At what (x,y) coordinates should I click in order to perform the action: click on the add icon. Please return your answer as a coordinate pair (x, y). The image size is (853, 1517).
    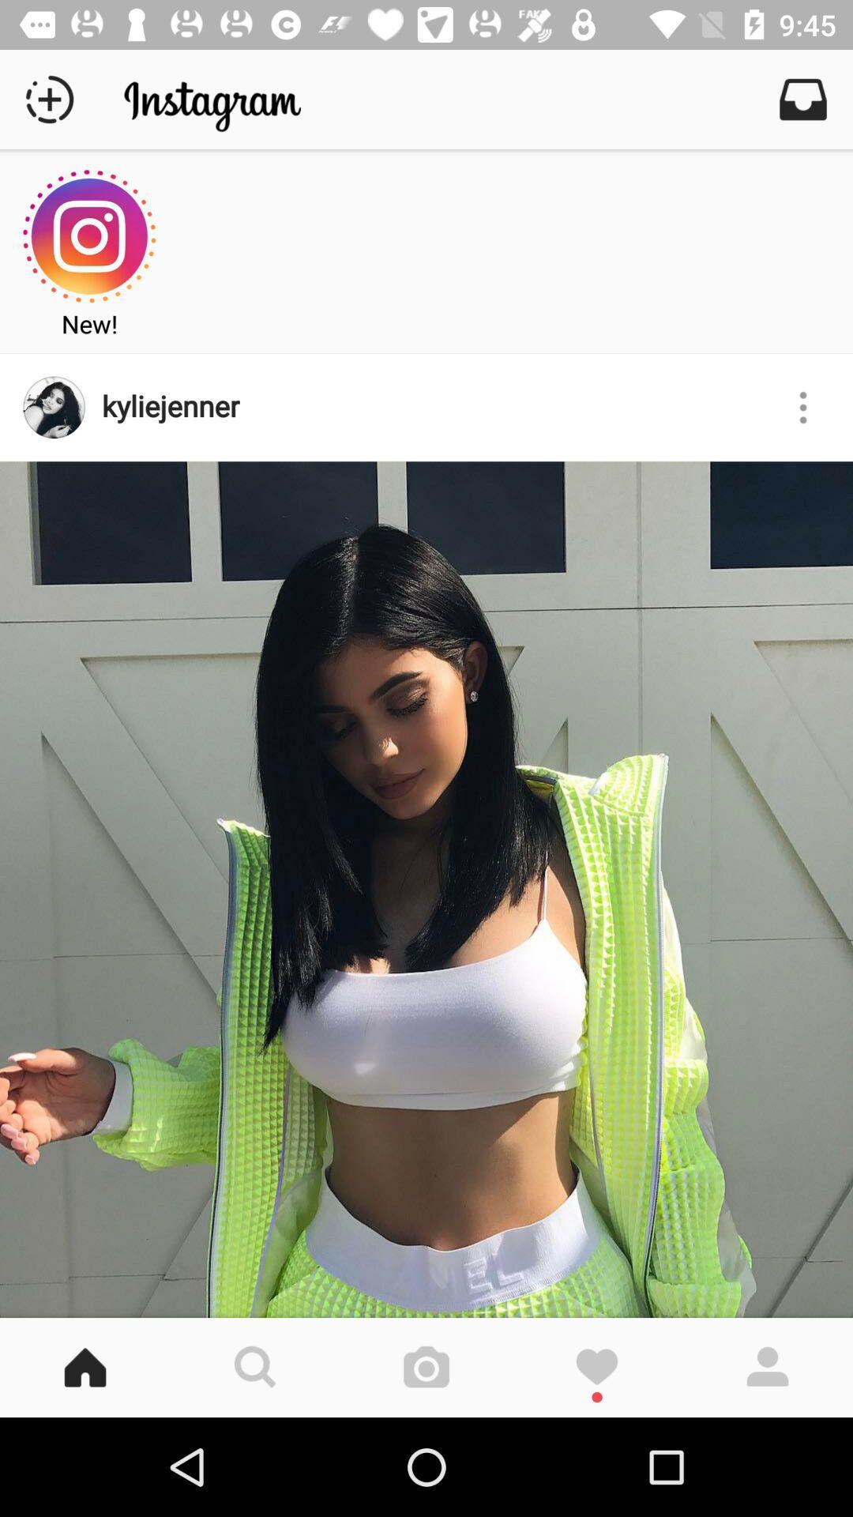
    Looking at the image, I should click on (48, 98).